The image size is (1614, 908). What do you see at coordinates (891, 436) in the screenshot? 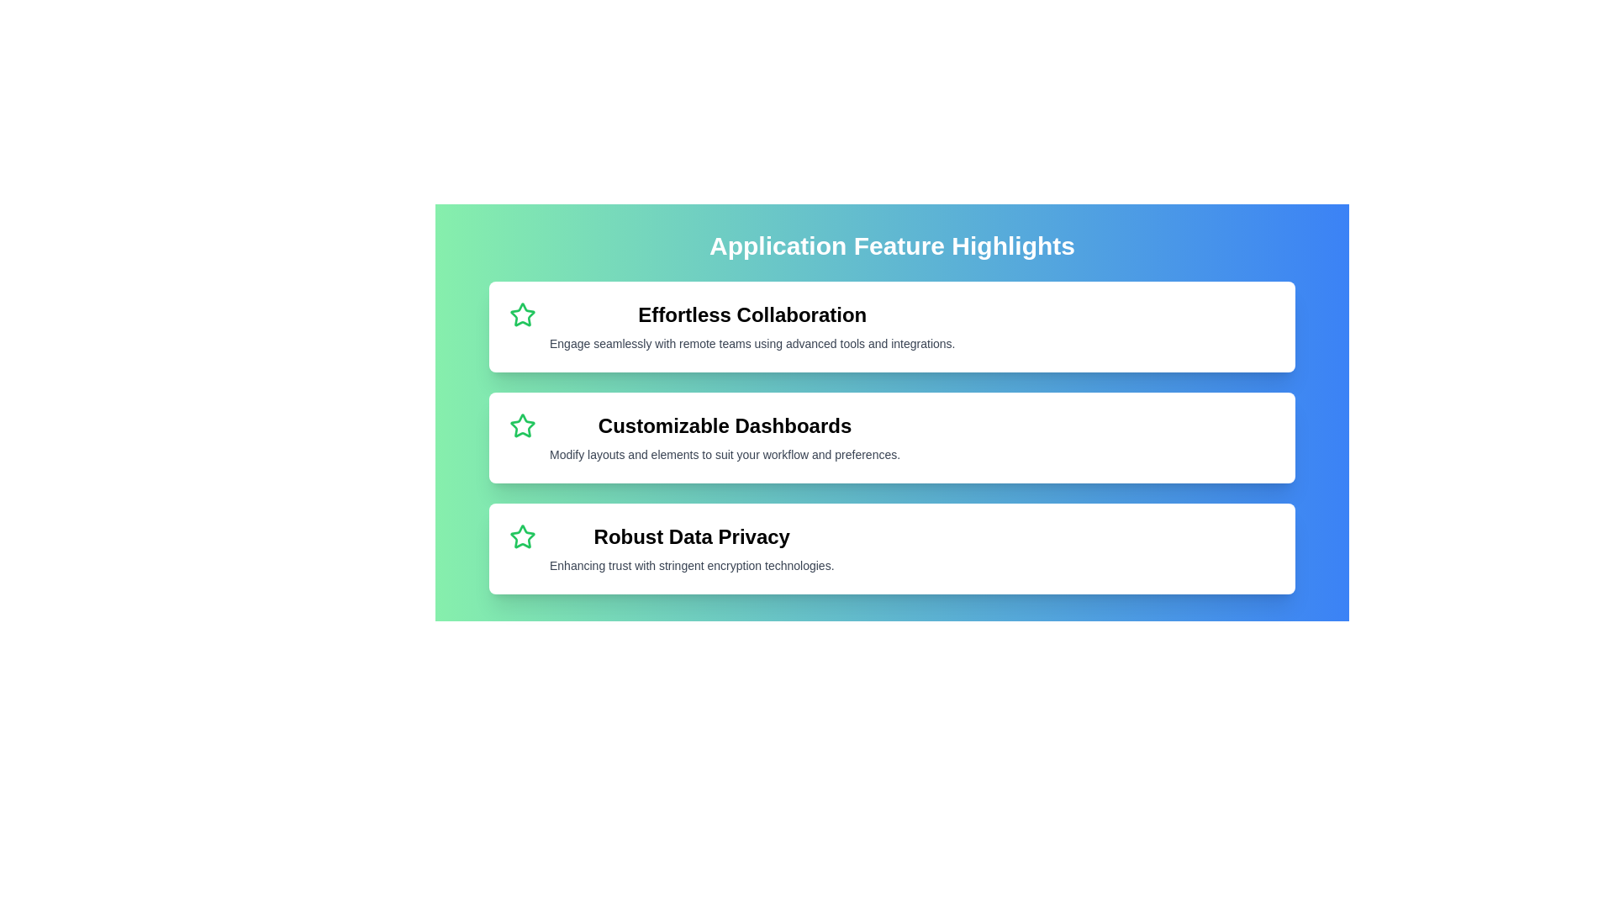
I see `the second feature item in the vertically stacked list that highlights the customizable dashboard feature, located centrally in the interface` at bounding box center [891, 436].